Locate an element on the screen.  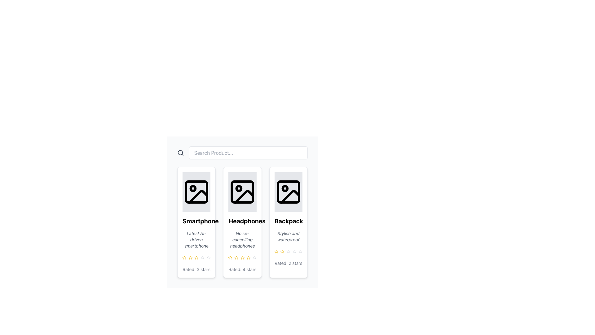
the black and white image placeholder icon representing the product image in the 'Headphones' card for navigation is located at coordinates (242, 191).